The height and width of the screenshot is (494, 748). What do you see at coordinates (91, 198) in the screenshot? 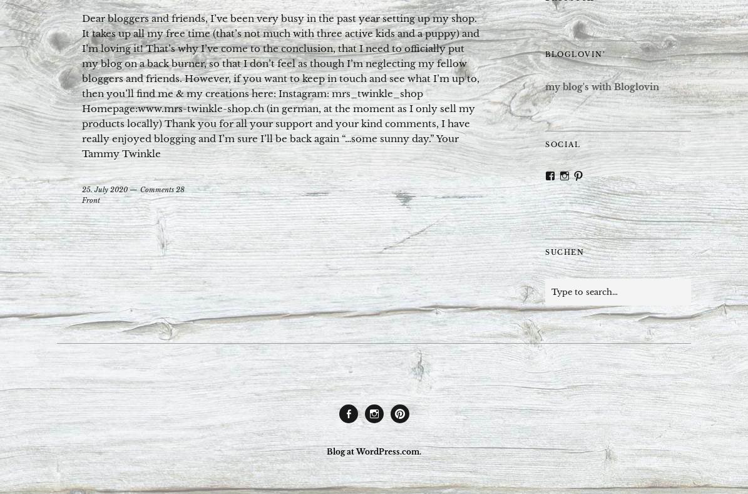
I see `'Front'` at bounding box center [91, 198].